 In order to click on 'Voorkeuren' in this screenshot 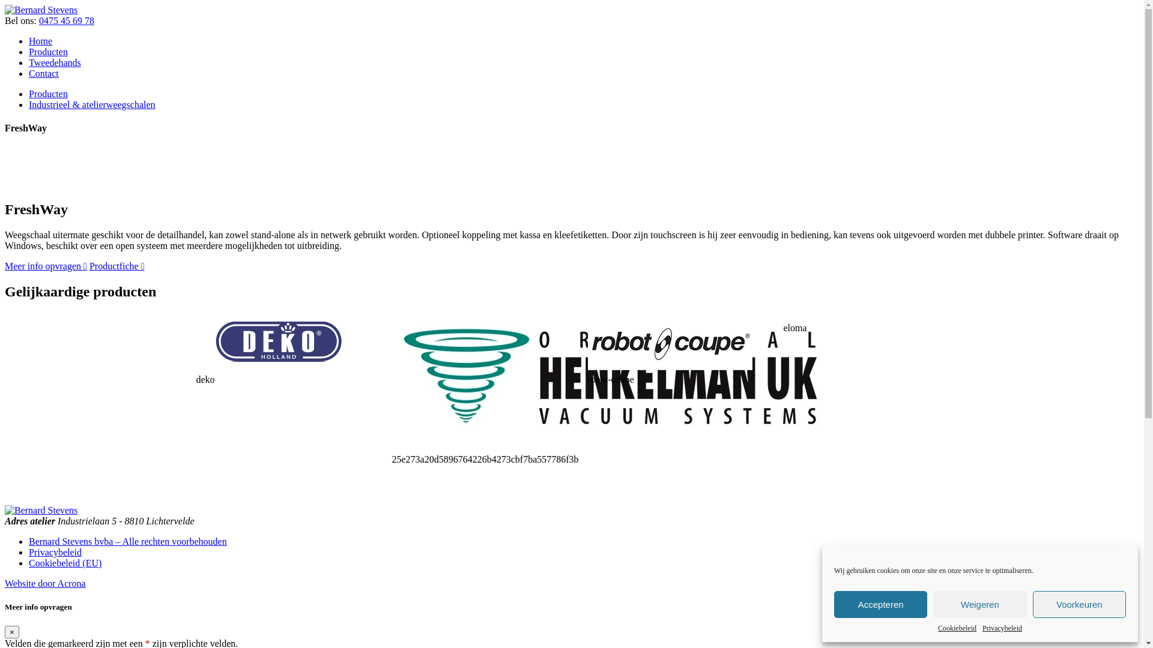, I will do `click(1079, 604)`.